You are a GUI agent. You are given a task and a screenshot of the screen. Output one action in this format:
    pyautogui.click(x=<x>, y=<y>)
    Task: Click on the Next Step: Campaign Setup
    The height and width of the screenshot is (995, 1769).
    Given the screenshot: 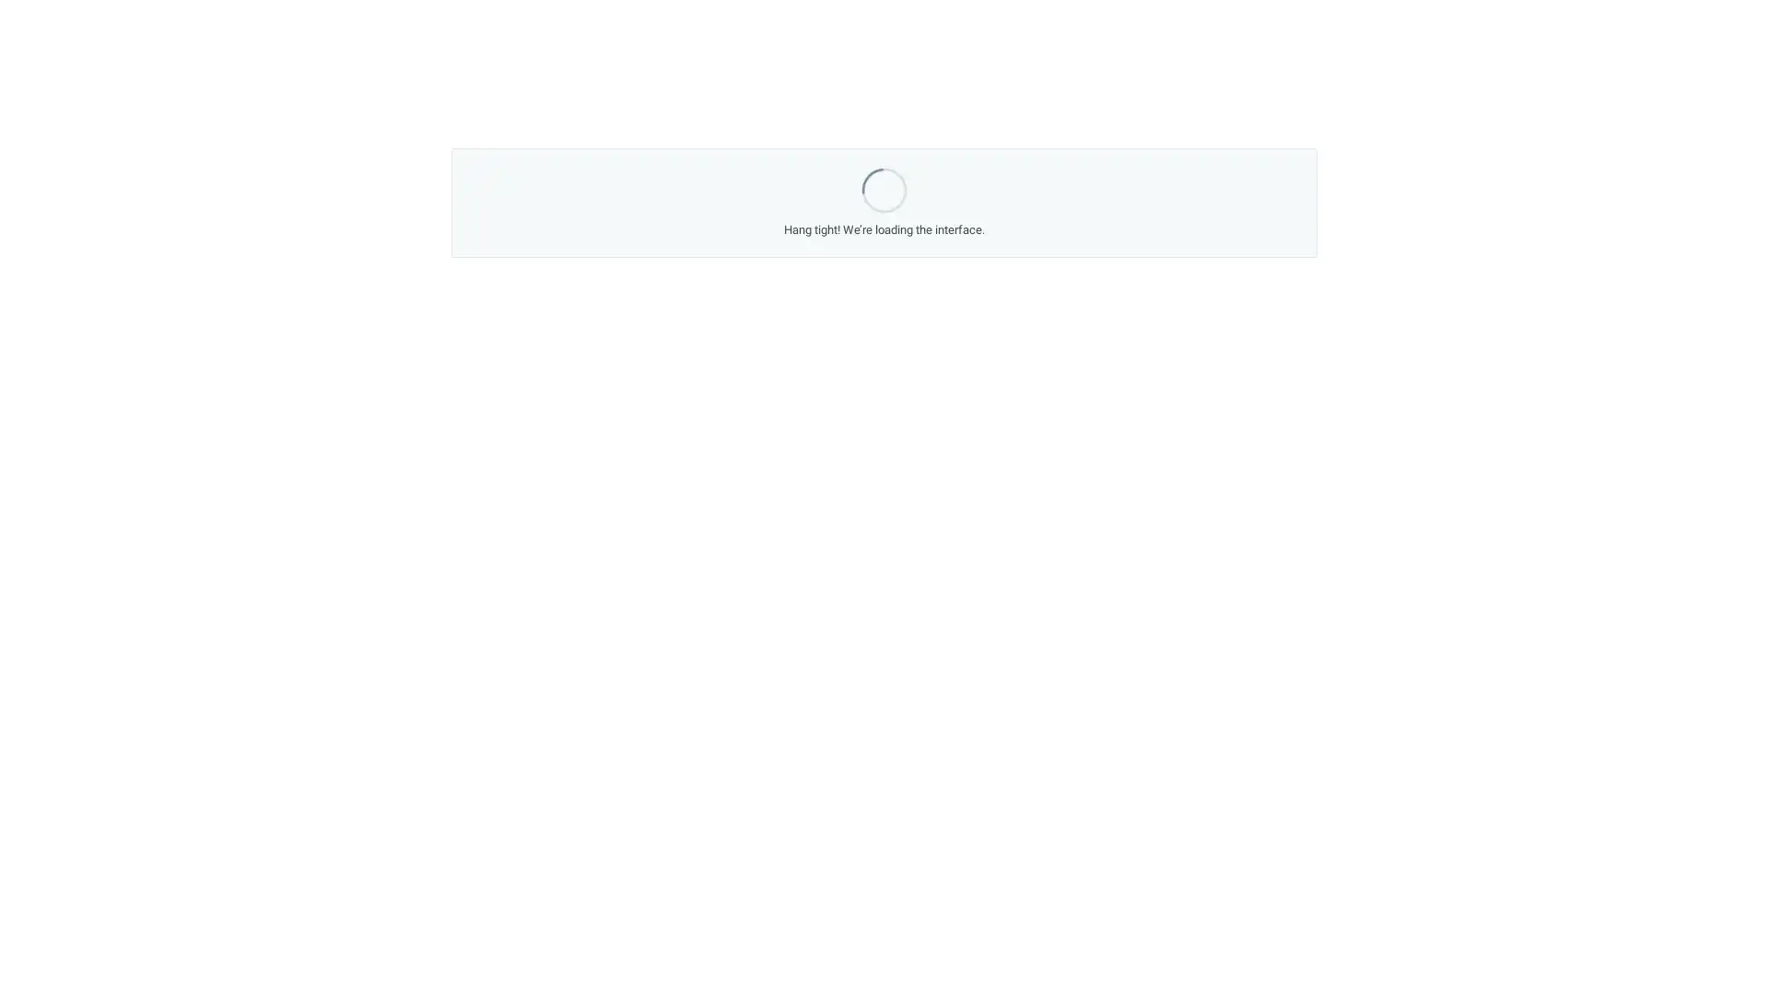 What is the action you would take?
    pyautogui.click(x=1033, y=656)
    